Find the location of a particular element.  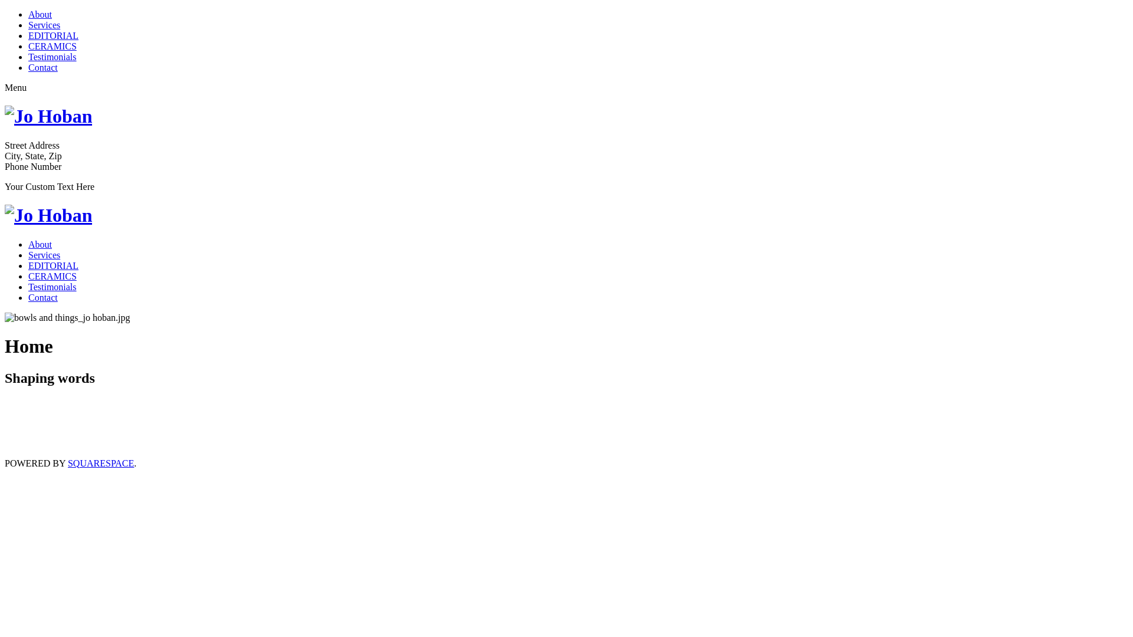

'CERAMICS' is located at coordinates (52, 276).